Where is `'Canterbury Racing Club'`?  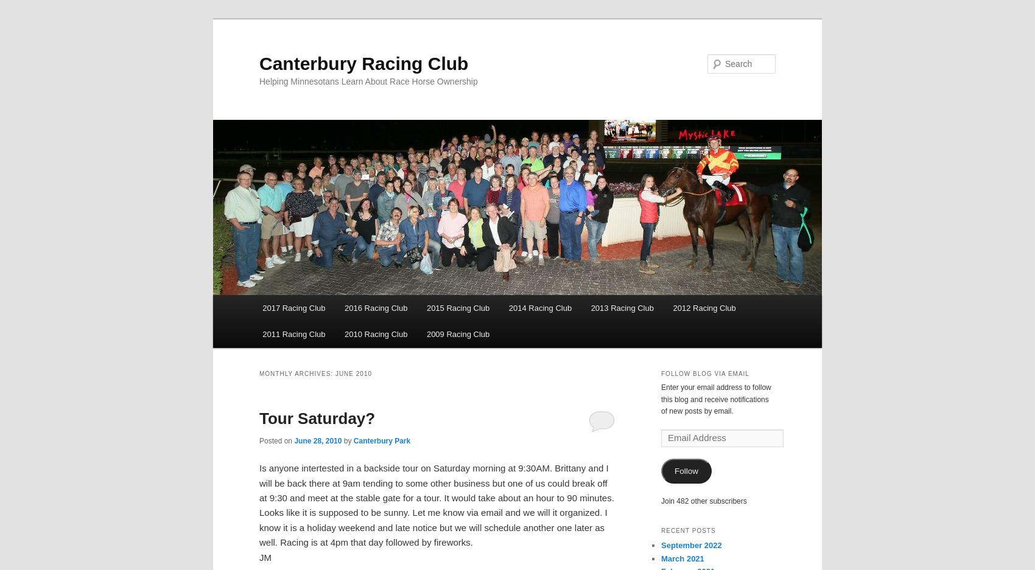
'Canterbury Racing Club' is located at coordinates (363, 62).